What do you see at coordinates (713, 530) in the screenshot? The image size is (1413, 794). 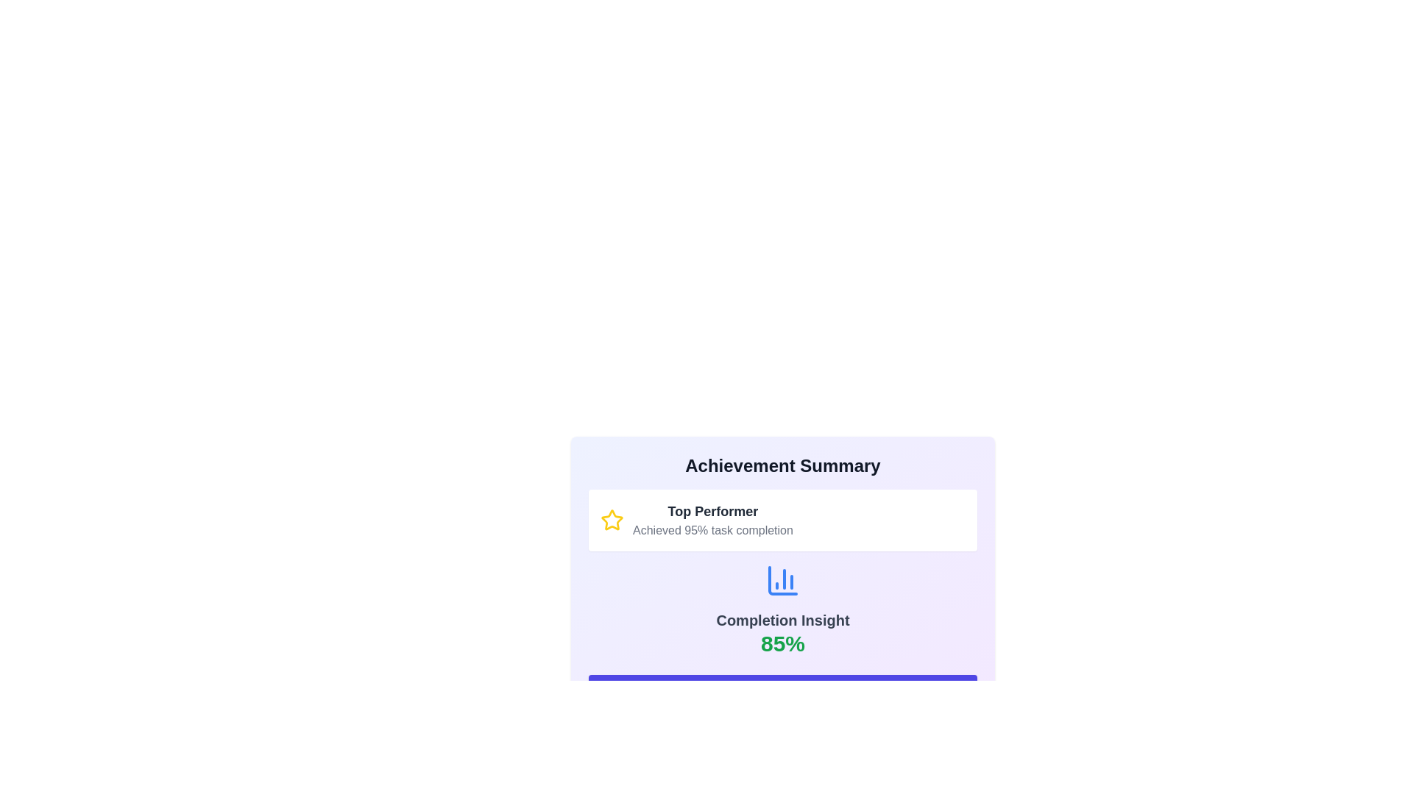 I see `the Text Label that conveys the user's task completion rate, located below the 'Top Performer' text in the 'Achievement Summary' card` at bounding box center [713, 530].